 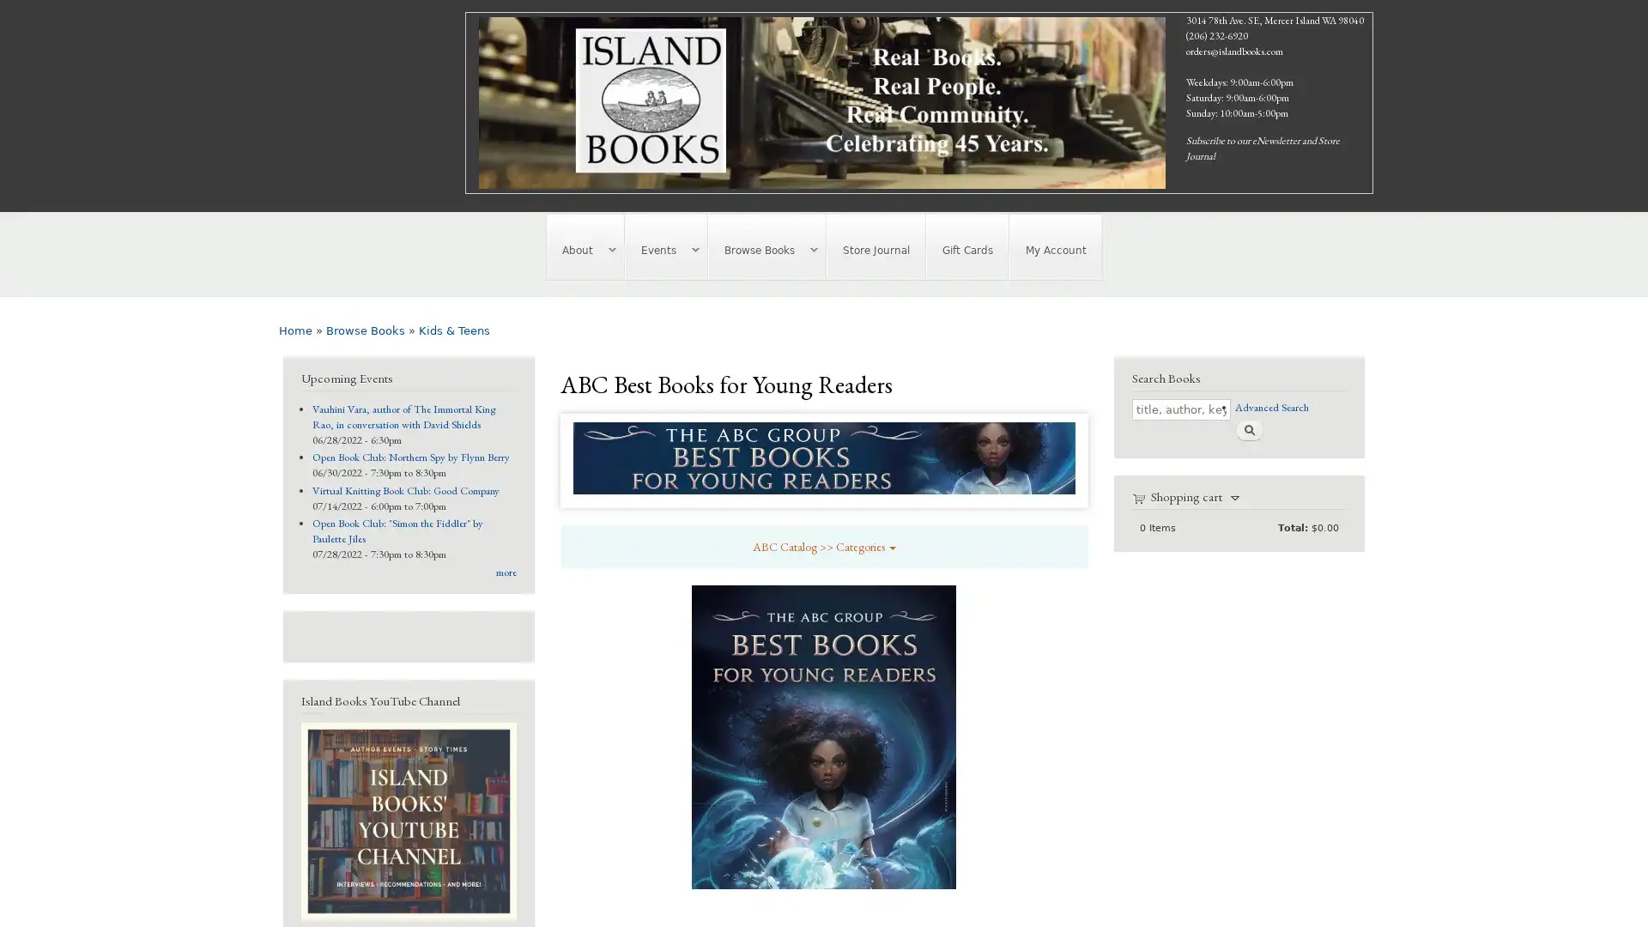 I want to click on Search, so click(x=1248, y=428).